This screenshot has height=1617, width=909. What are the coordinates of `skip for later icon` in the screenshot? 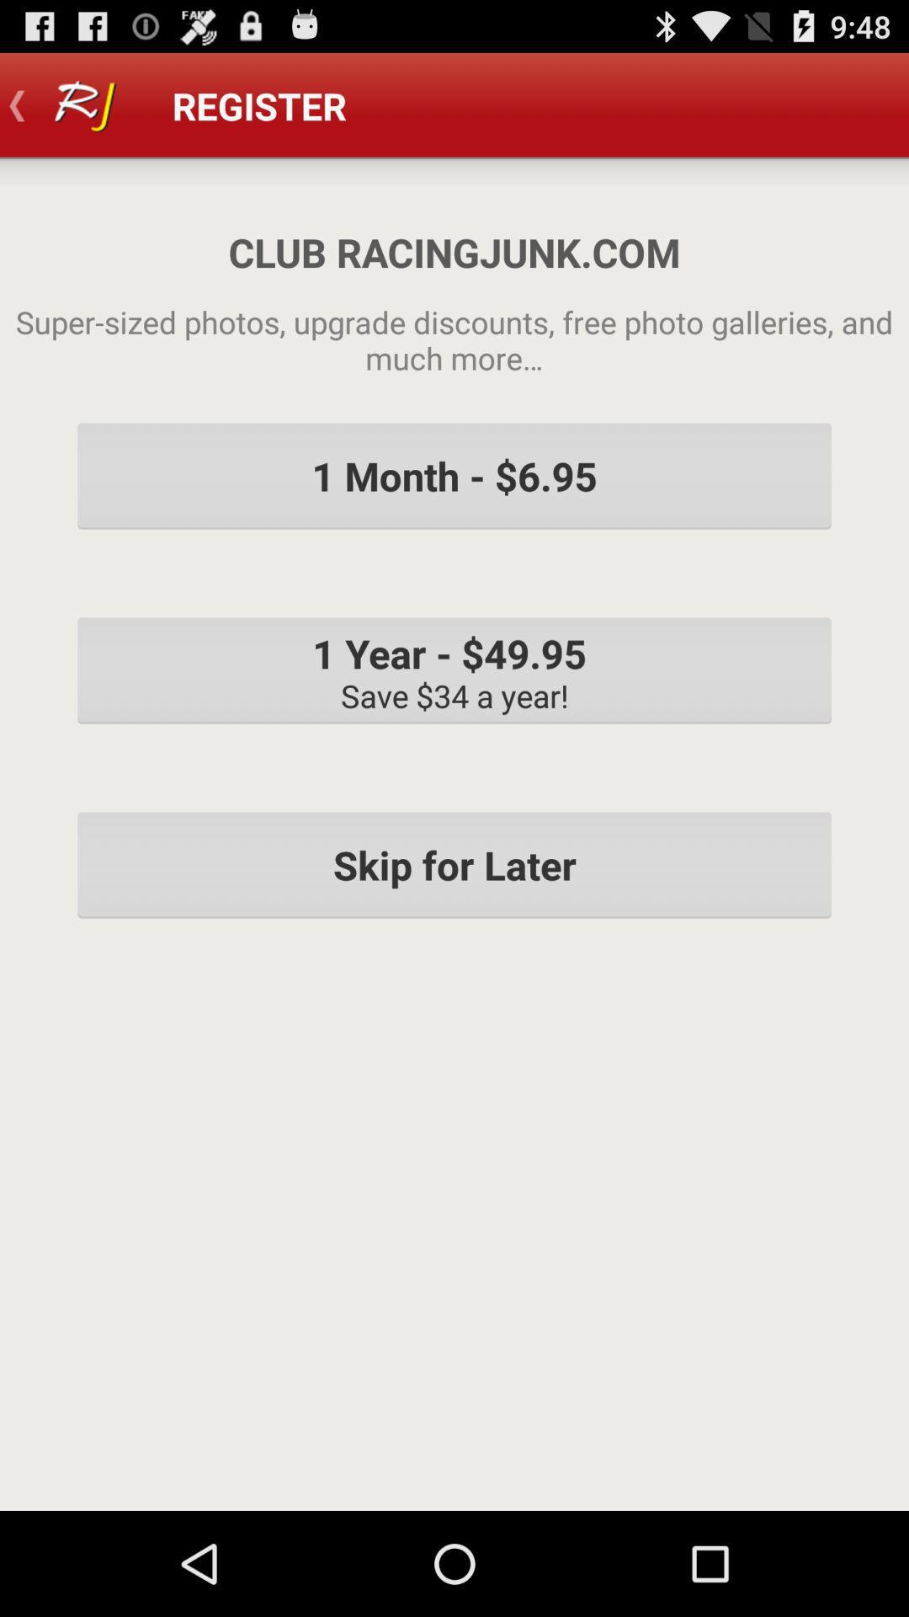 It's located at (454, 865).